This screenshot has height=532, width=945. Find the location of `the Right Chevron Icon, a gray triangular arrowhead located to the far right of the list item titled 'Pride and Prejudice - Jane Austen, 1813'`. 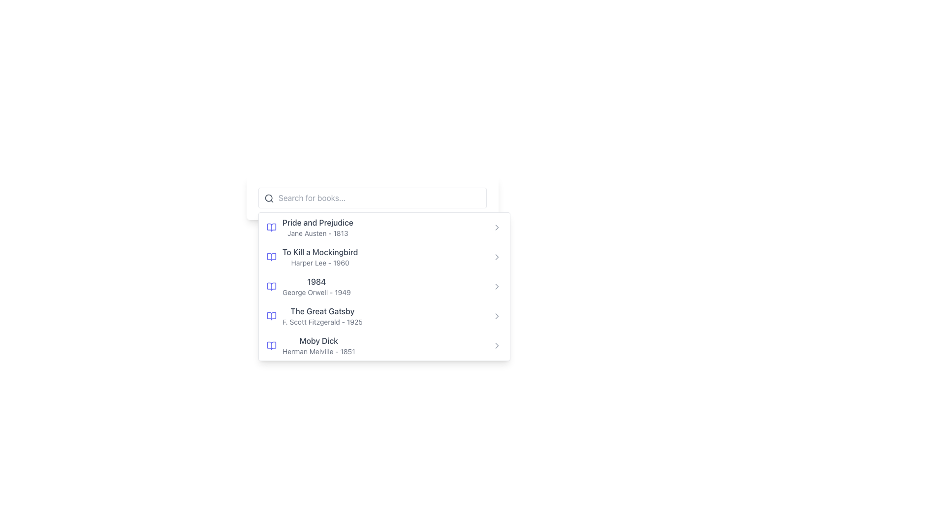

the Right Chevron Icon, a gray triangular arrowhead located to the far right of the list item titled 'Pride and Prejudice - Jane Austen, 1813' is located at coordinates (497, 228).